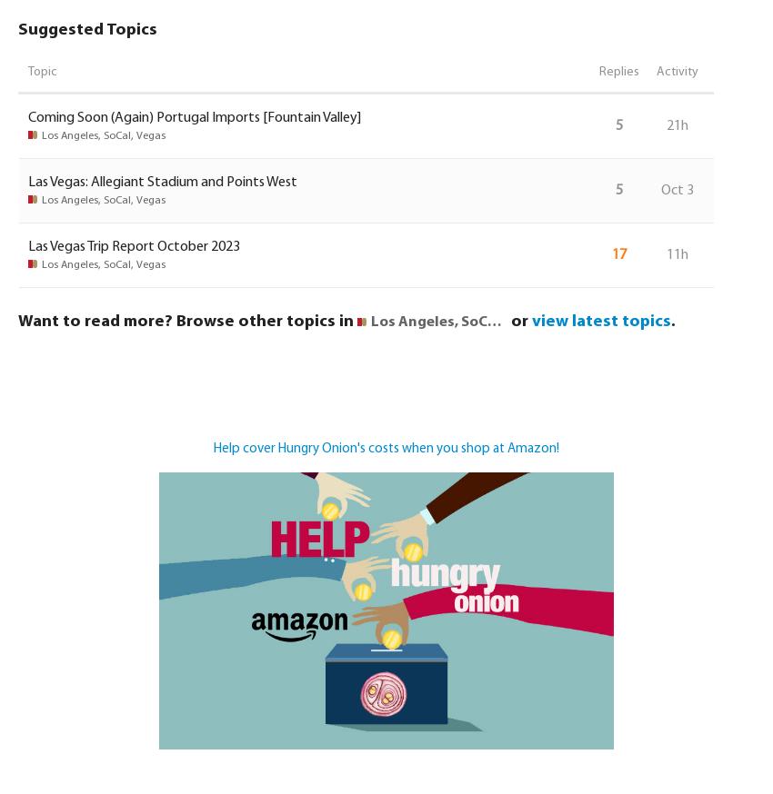  Describe the element at coordinates (519, 320) in the screenshot. I see `'or'` at that location.